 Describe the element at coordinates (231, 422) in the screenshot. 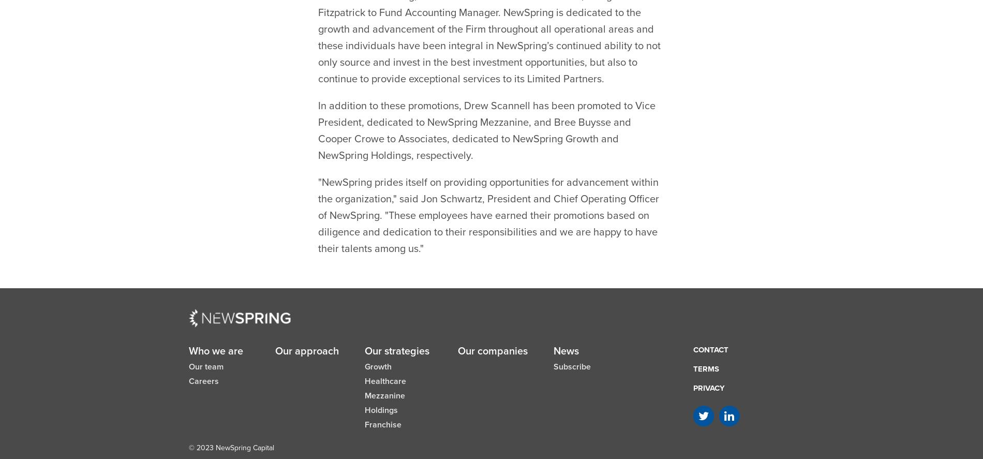

I see `'© 2023 NewSpring Capital'` at that location.